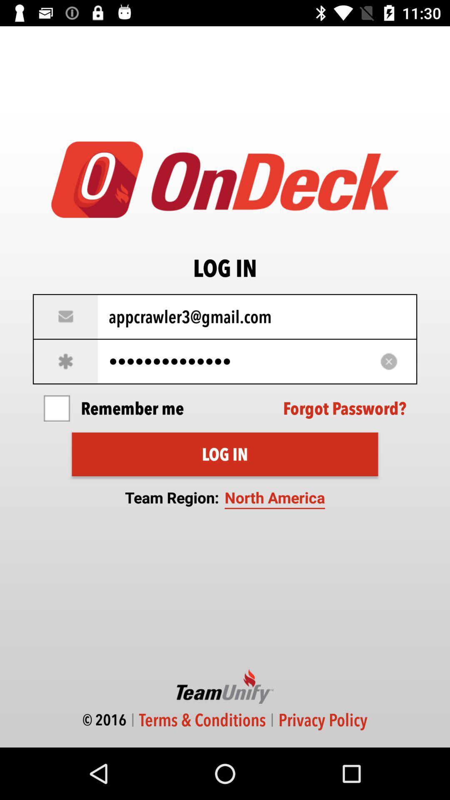 The image size is (450, 800). What do you see at coordinates (225, 361) in the screenshot?
I see `appcrawler3116 item` at bounding box center [225, 361].